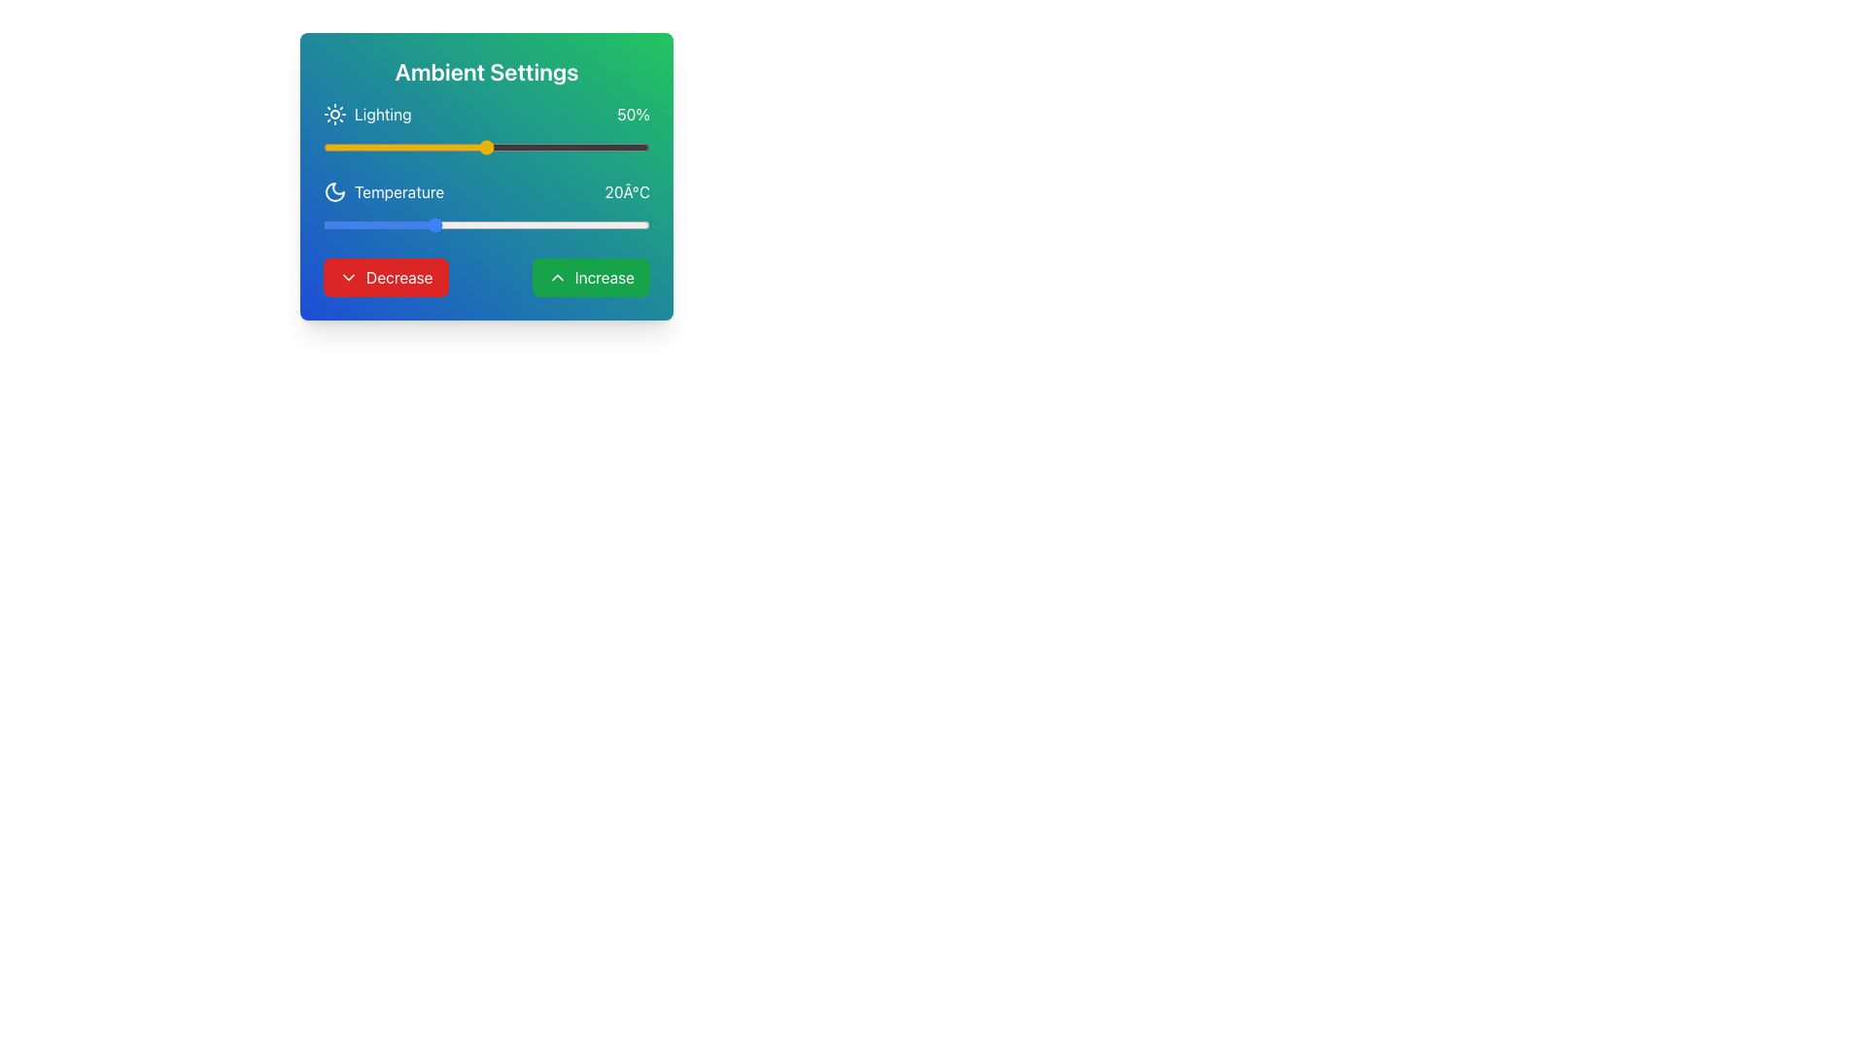 This screenshot has height=1049, width=1866. I want to click on the small upward-pointing chevron icon inside the green 'Increase' button located at the bottom-right corner of the 'Ambient Settings' card, so click(556, 277).